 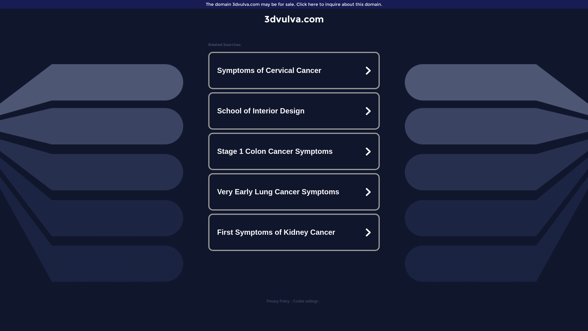 What do you see at coordinates (294, 151) in the screenshot?
I see `'Stage 1 Colon Cancer Symptoms'` at bounding box center [294, 151].